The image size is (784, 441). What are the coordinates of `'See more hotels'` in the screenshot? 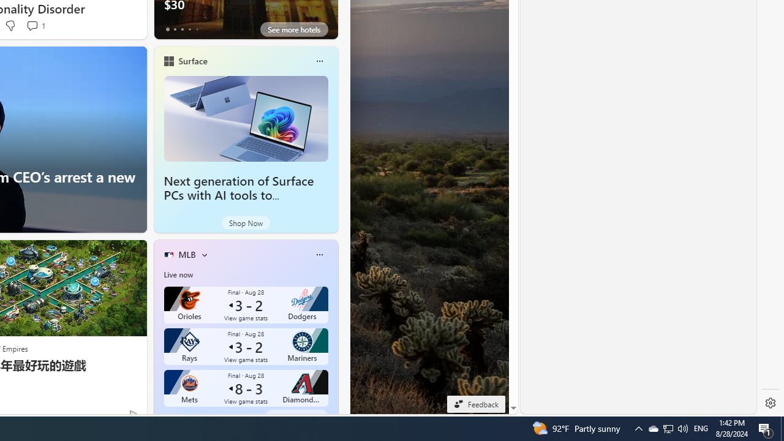 It's located at (294, 28).